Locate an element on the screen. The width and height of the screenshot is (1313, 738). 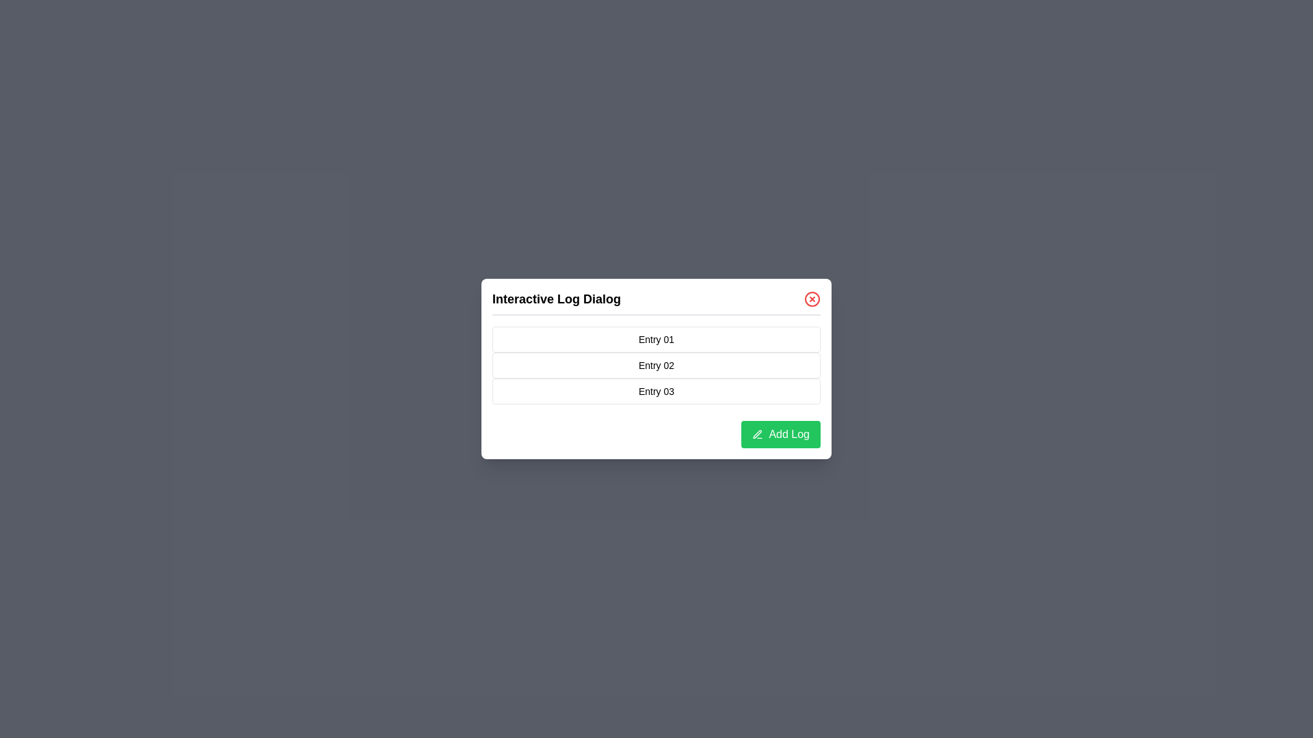
'Add Log' button to add a new log entry is located at coordinates (781, 435).